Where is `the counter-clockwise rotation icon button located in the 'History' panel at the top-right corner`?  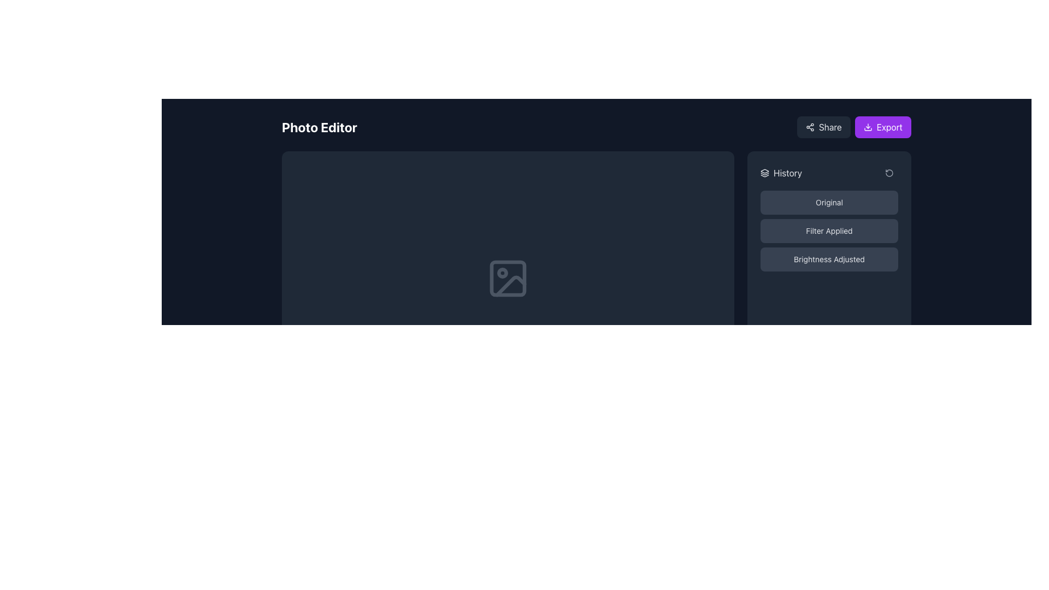 the counter-clockwise rotation icon button located in the 'History' panel at the top-right corner is located at coordinates (889, 172).